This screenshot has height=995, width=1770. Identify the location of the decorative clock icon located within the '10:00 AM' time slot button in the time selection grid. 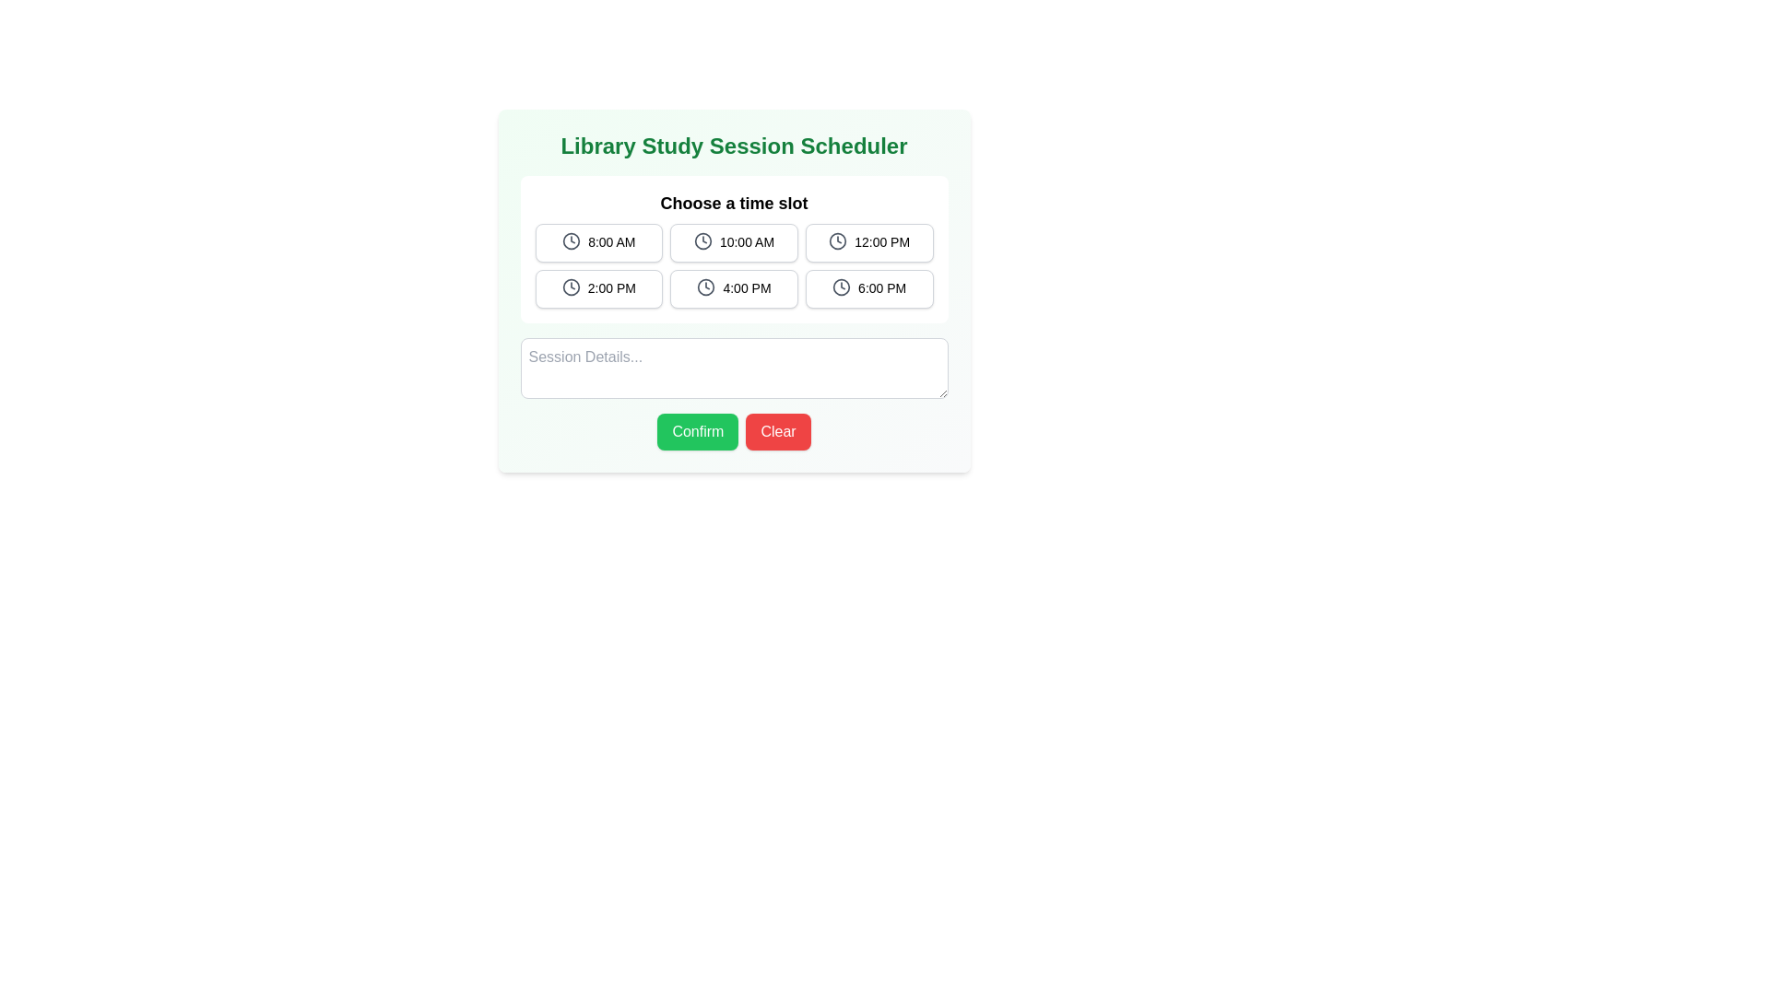
(702, 240).